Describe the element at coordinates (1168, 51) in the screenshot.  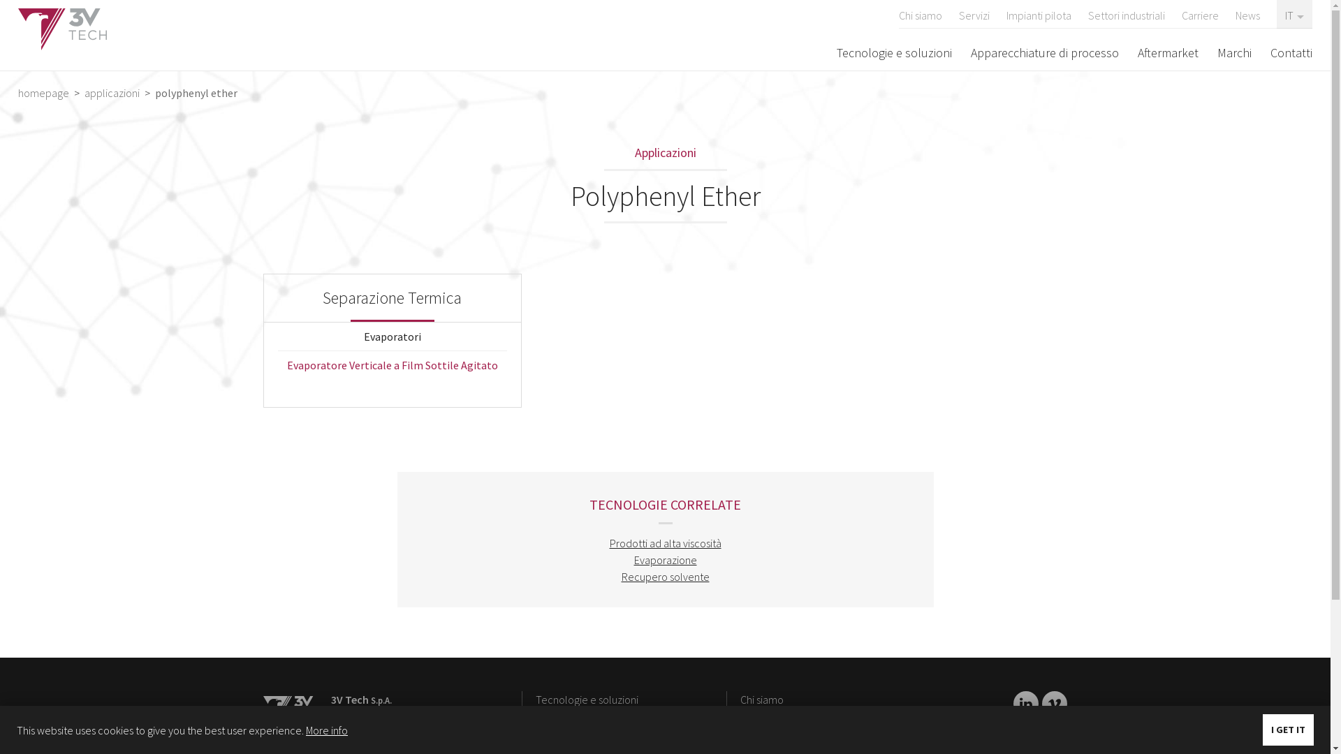
I see `'Aftermarket'` at that location.